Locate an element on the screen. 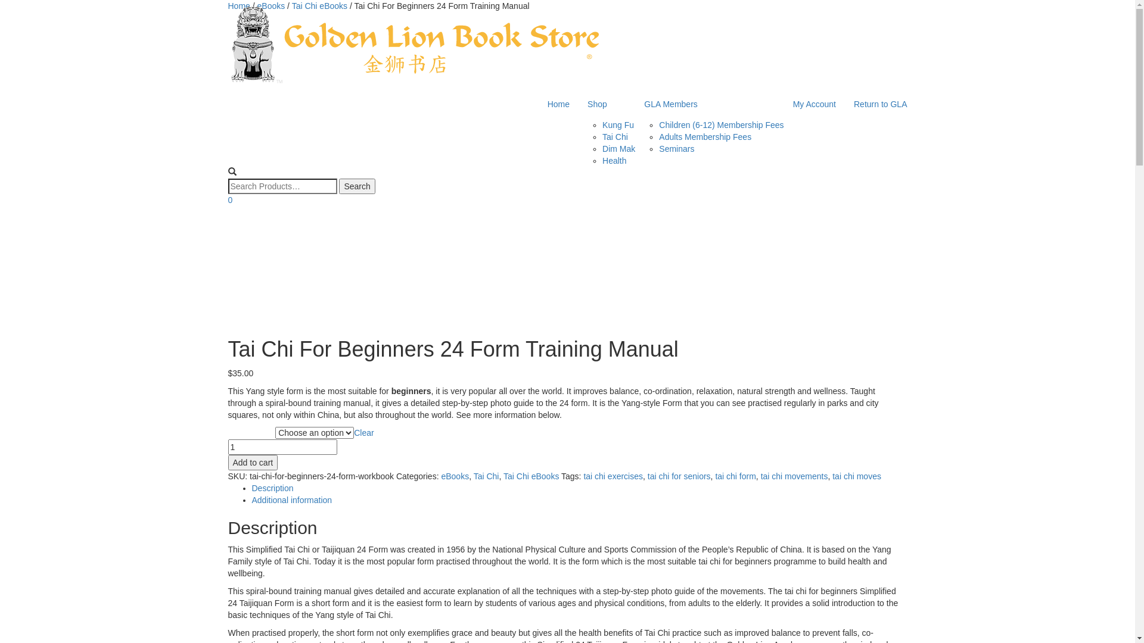 This screenshot has width=1144, height=643. 'Shop' is located at coordinates (607, 103).